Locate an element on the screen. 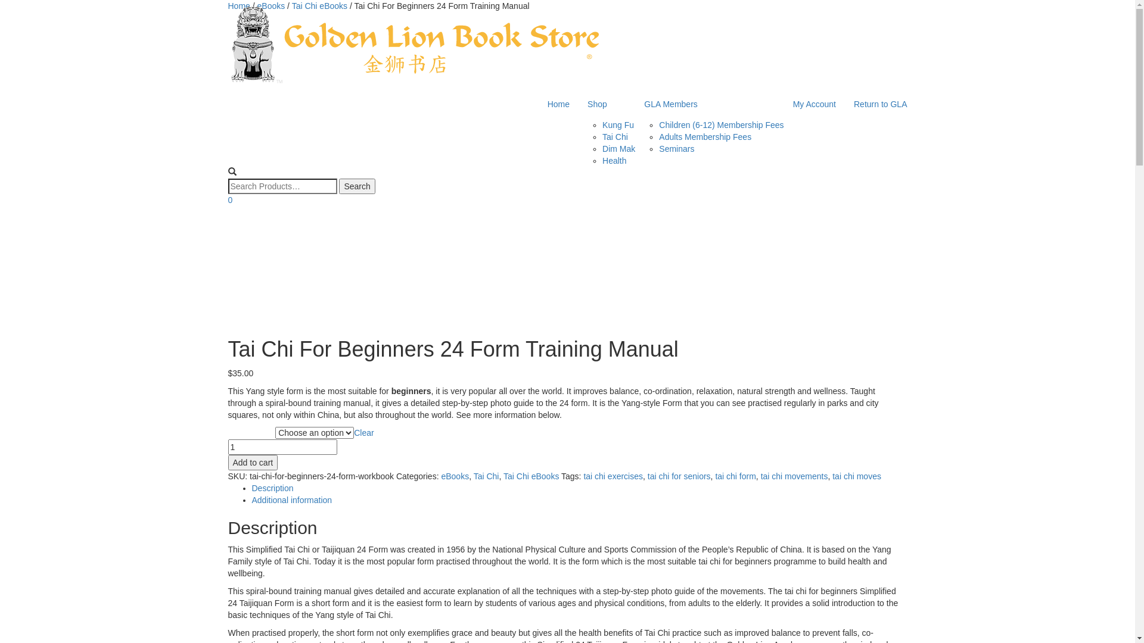 This screenshot has width=1144, height=643. 'Shop' is located at coordinates (607, 103).